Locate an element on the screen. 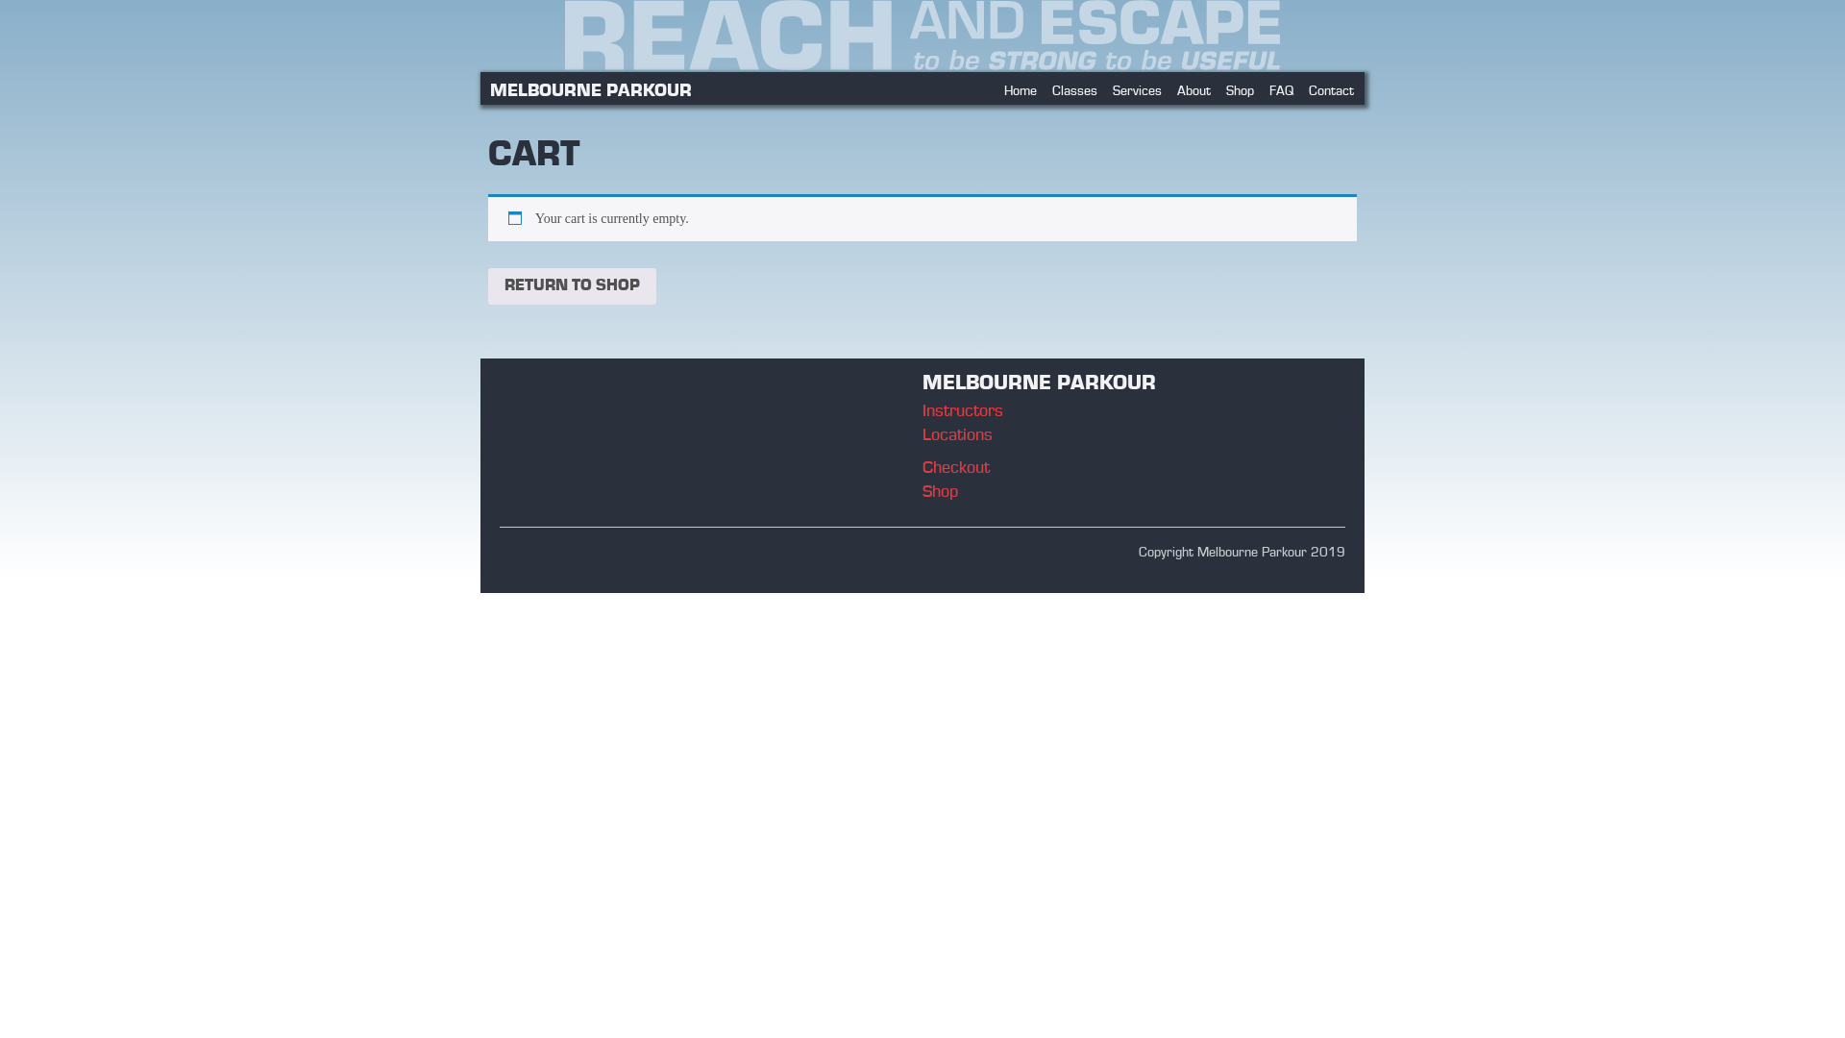  'Services' is located at coordinates (1137, 91).